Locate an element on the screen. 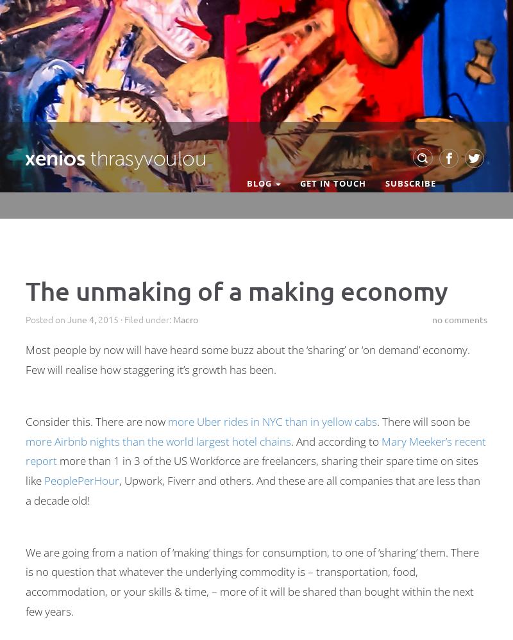  'Macro' is located at coordinates (185, 319).